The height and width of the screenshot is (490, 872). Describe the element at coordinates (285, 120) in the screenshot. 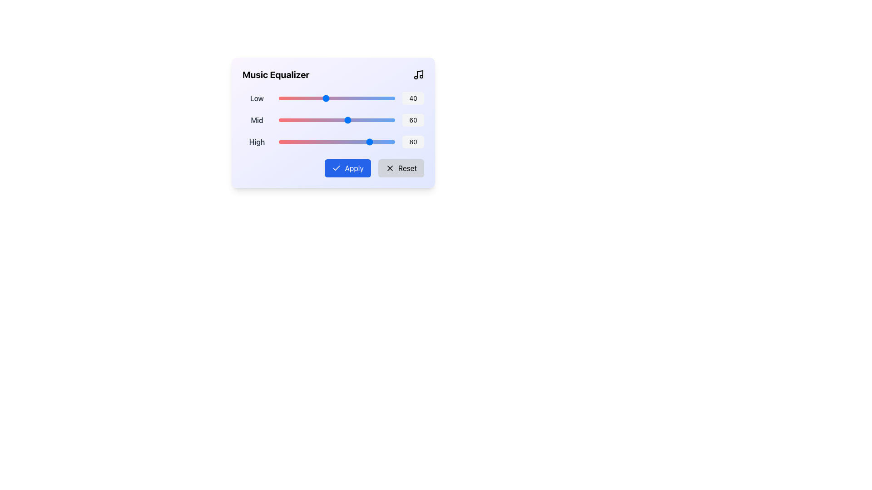

I see `the mid-range slider` at that location.